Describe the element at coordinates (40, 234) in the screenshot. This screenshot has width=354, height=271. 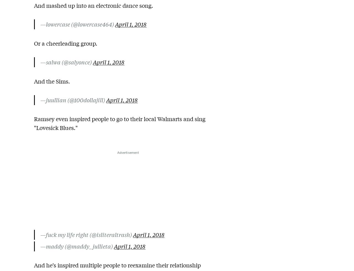
I see `'—fuck my life right  (@isliteraltrash)'` at that location.